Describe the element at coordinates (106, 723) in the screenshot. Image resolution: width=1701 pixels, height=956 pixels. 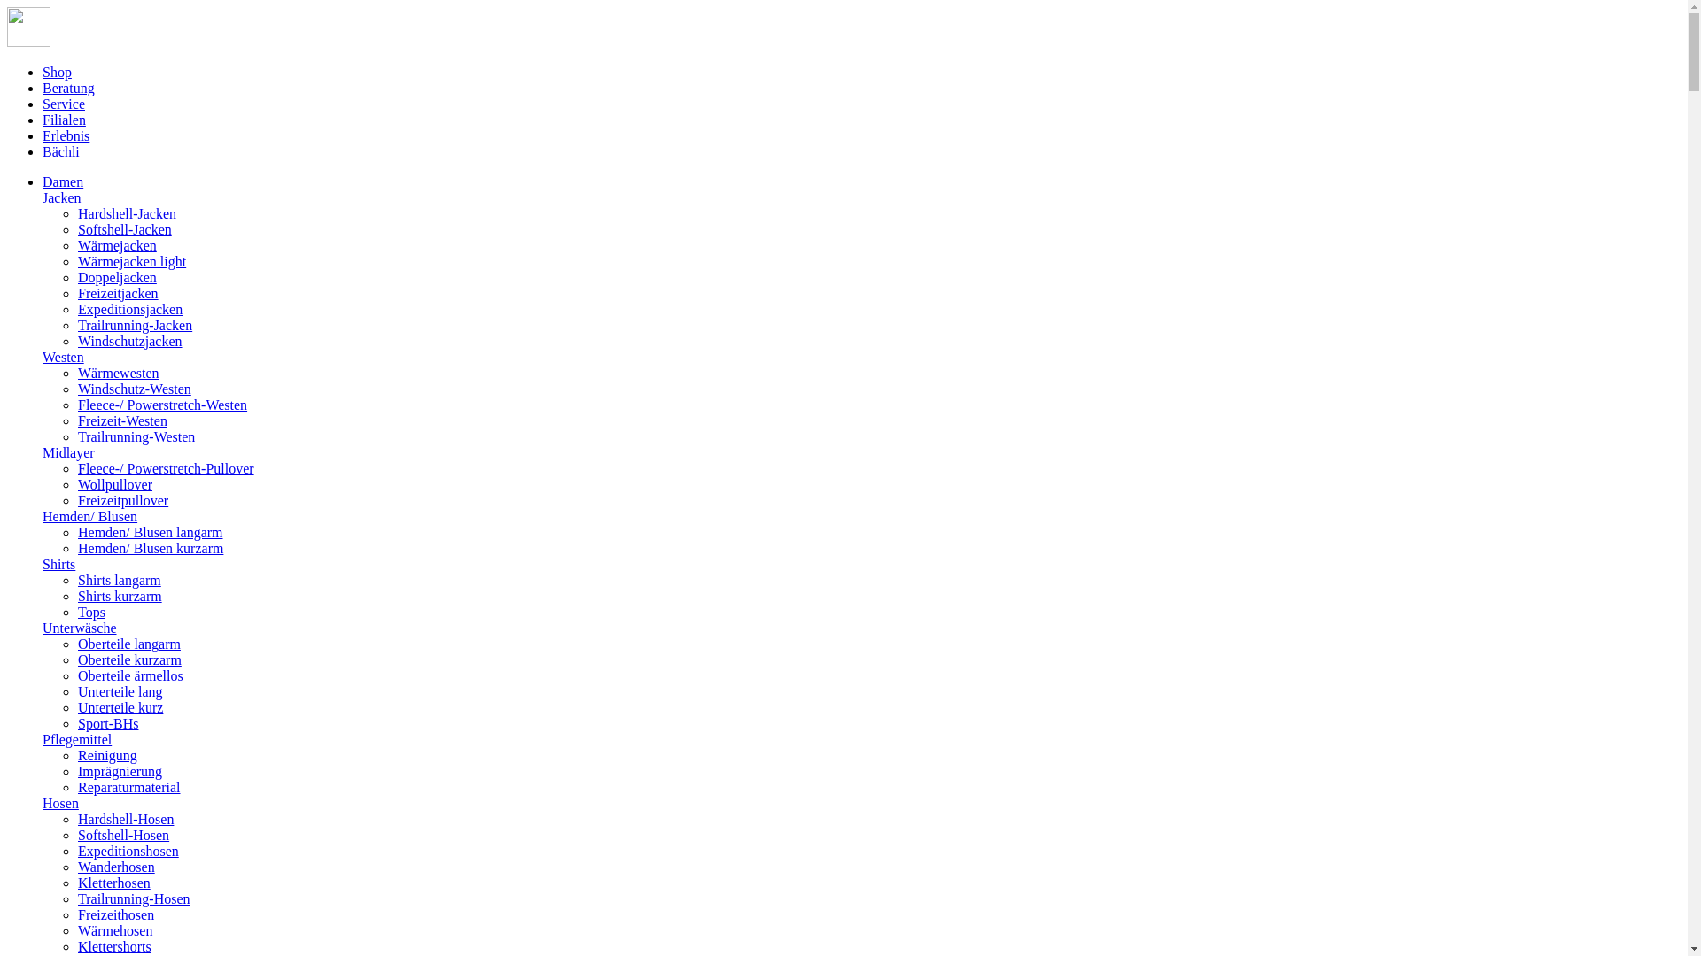
I see `'Sport-BHs'` at that location.